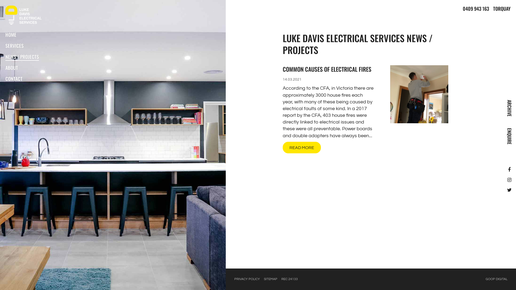 The image size is (516, 290). Describe the element at coordinates (264, 279) in the screenshot. I see `'SITEMAP'` at that location.